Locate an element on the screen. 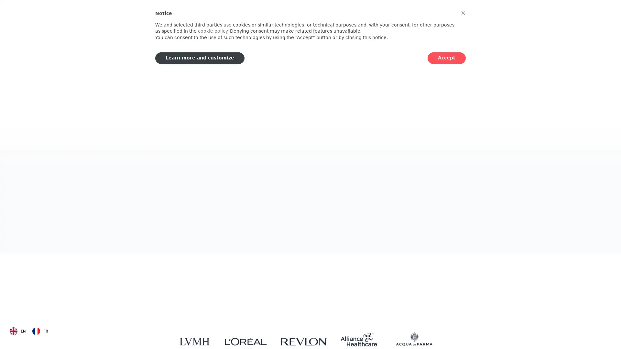  Accept is located at coordinates (446, 58).